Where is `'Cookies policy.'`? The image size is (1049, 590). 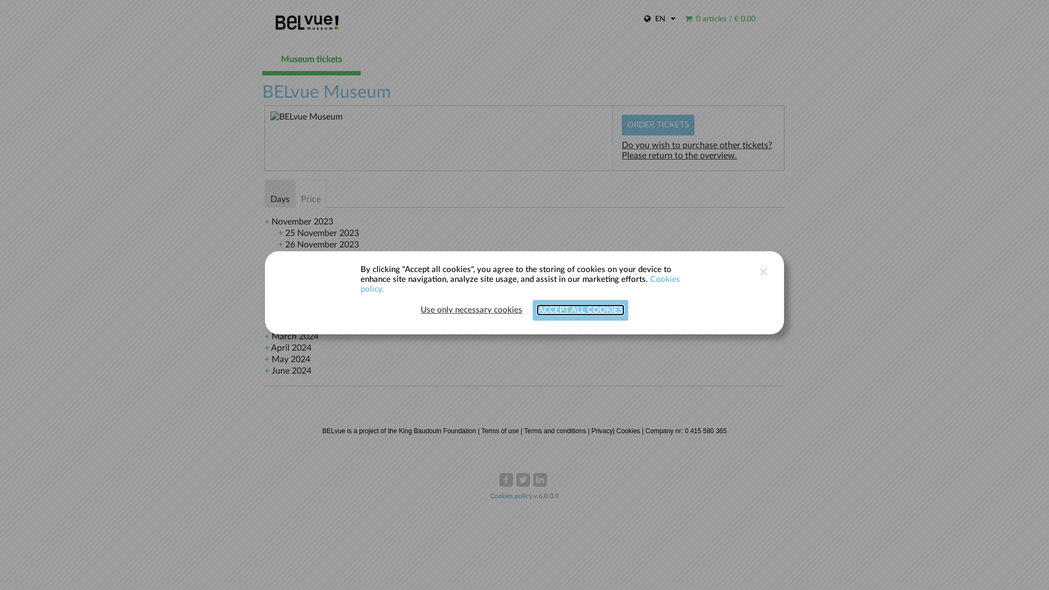
'Cookies policy.' is located at coordinates (361, 284).